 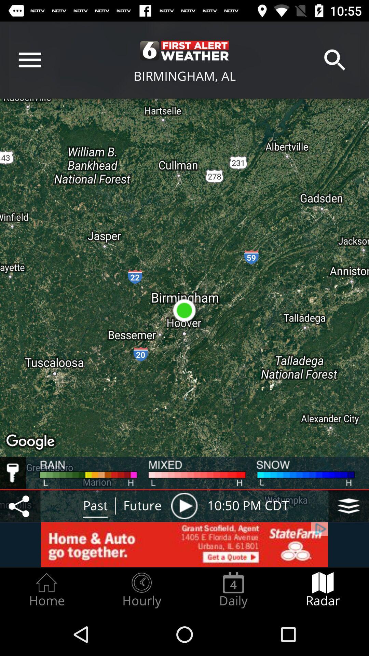 I want to click on the layers icon, so click(x=348, y=506).